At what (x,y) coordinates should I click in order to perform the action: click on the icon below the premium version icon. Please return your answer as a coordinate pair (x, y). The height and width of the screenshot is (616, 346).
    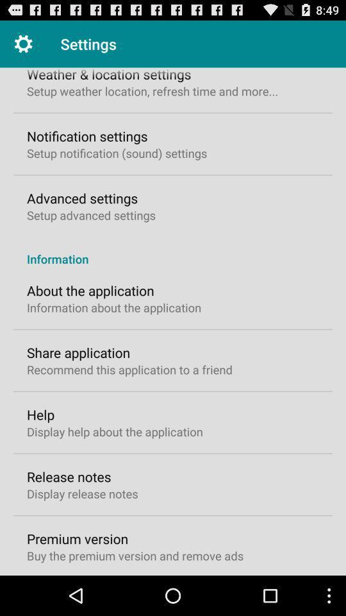
    Looking at the image, I should click on (135, 555).